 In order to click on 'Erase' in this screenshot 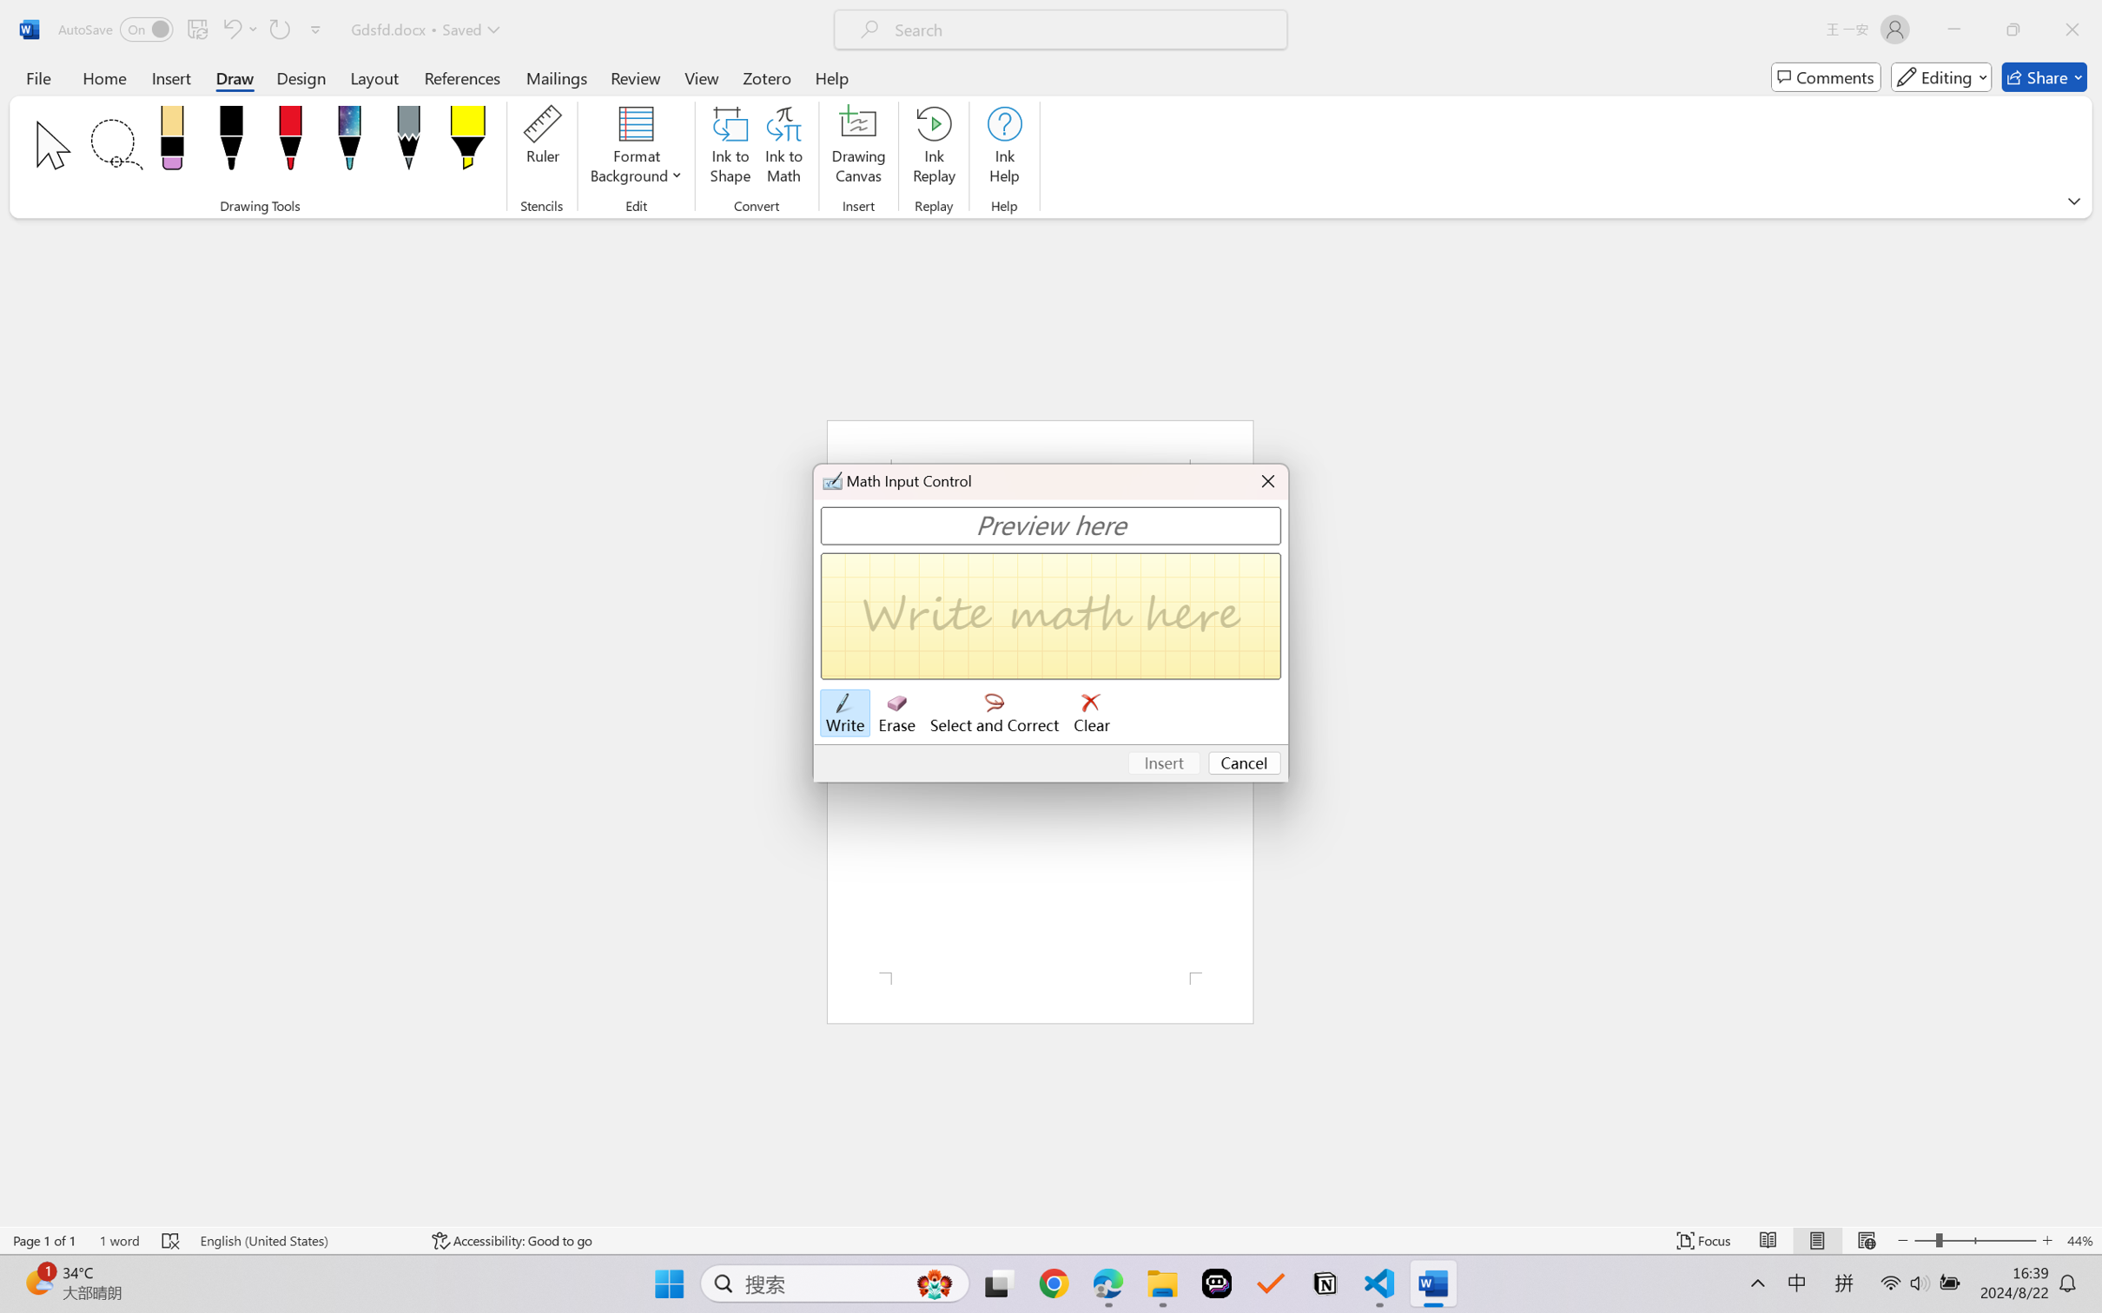, I will do `click(897, 712)`.